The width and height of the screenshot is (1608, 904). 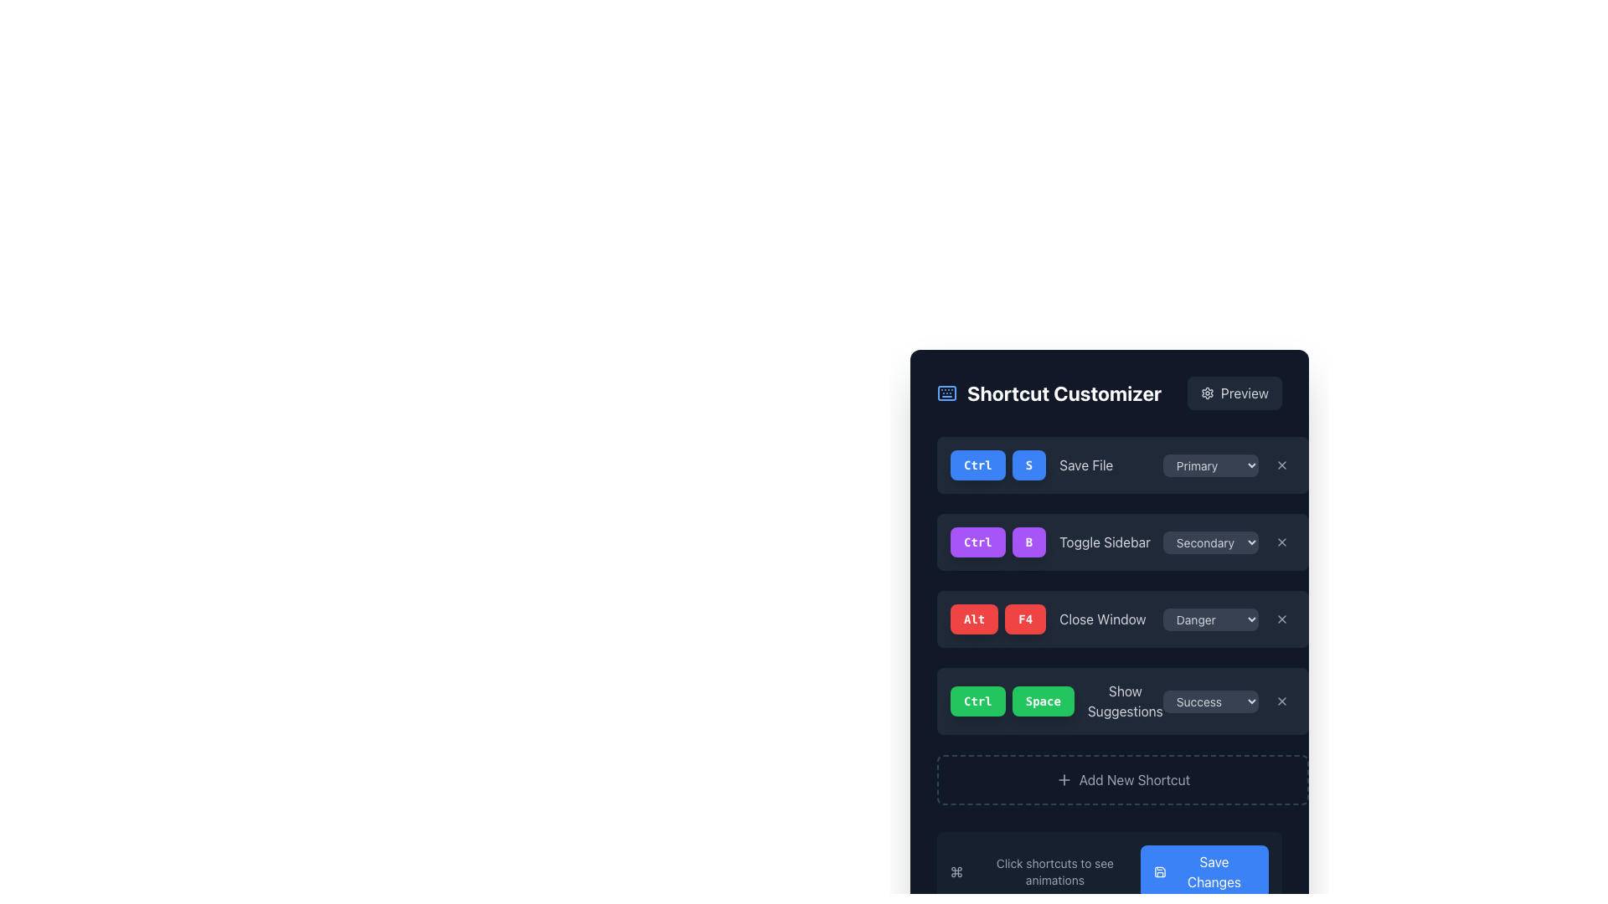 What do you see at coordinates (998, 465) in the screenshot?
I see `the grouped element representing the shortcut combination for 'Save File' (Ctrl + S) located in the first row of shortcut keys under the 'Shortcut Customizer' header` at bounding box center [998, 465].